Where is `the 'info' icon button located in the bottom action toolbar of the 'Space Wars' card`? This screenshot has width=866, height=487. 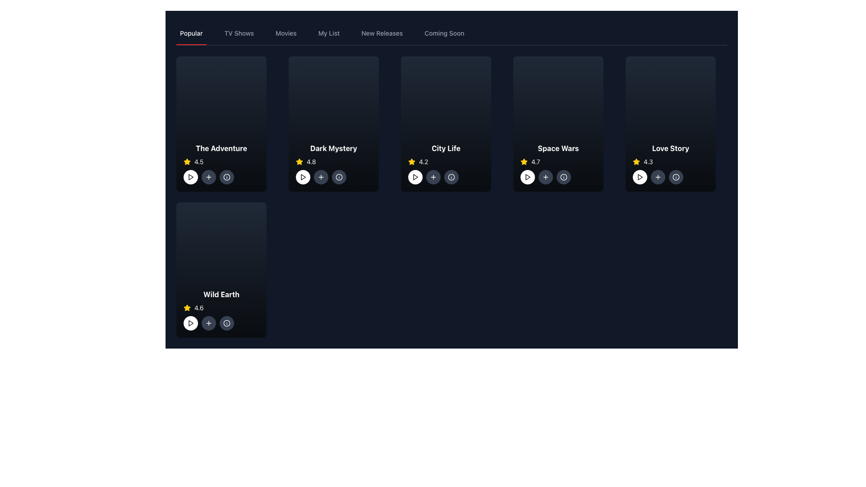 the 'info' icon button located in the bottom action toolbar of the 'Space Wars' card is located at coordinates (563, 177).